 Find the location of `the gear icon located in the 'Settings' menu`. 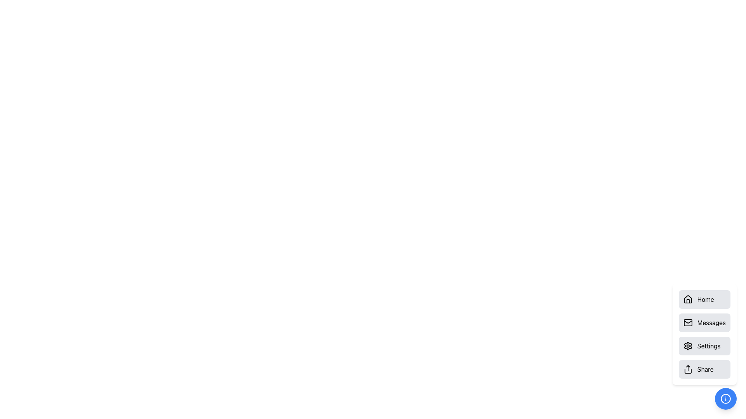

the gear icon located in the 'Settings' menu is located at coordinates (688, 345).